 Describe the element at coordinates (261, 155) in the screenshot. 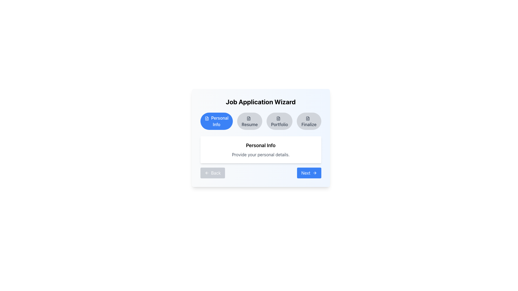

I see `the text element that says 'Provide your personal details.' located within the 'Personal Info' box` at that location.